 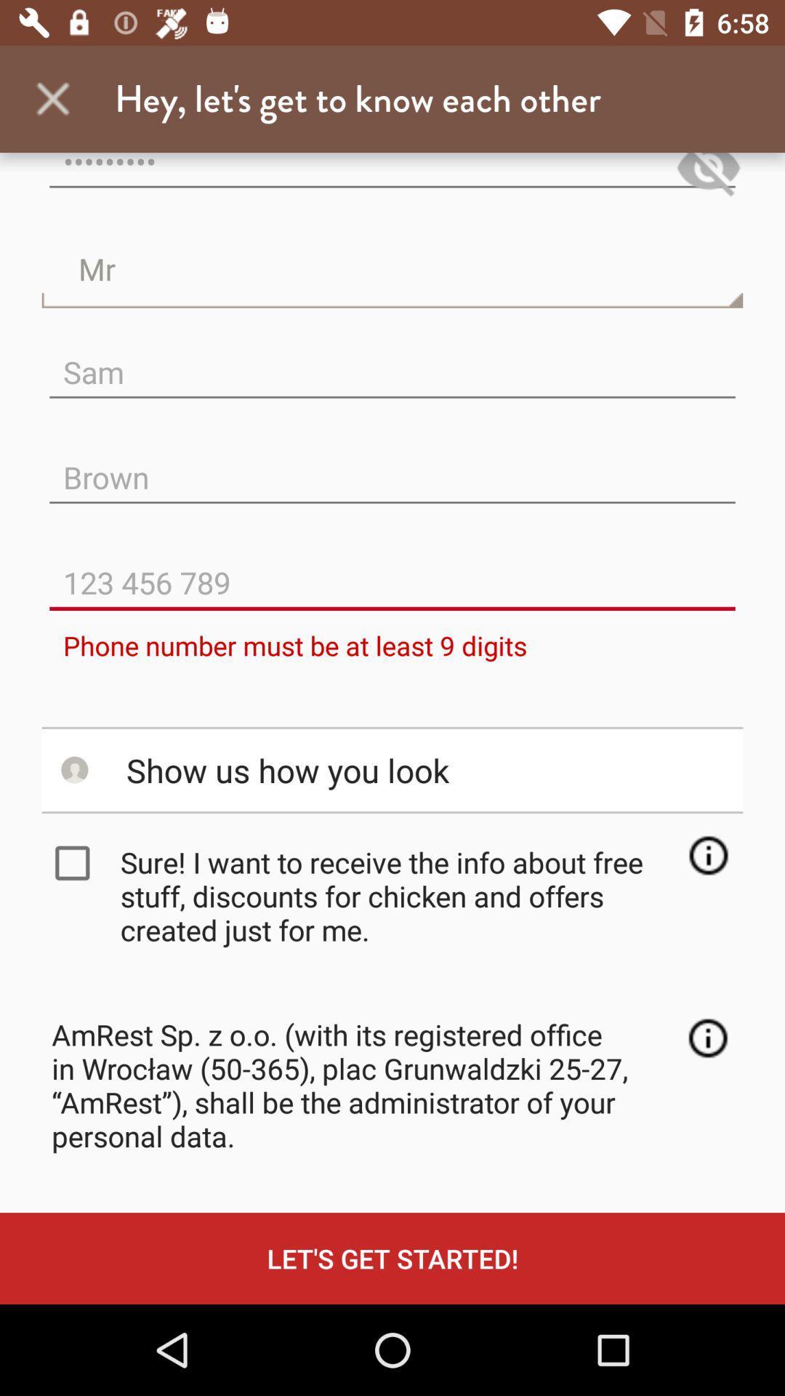 What do you see at coordinates (708, 177) in the screenshot?
I see `see password` at bounding box center [708, 177].